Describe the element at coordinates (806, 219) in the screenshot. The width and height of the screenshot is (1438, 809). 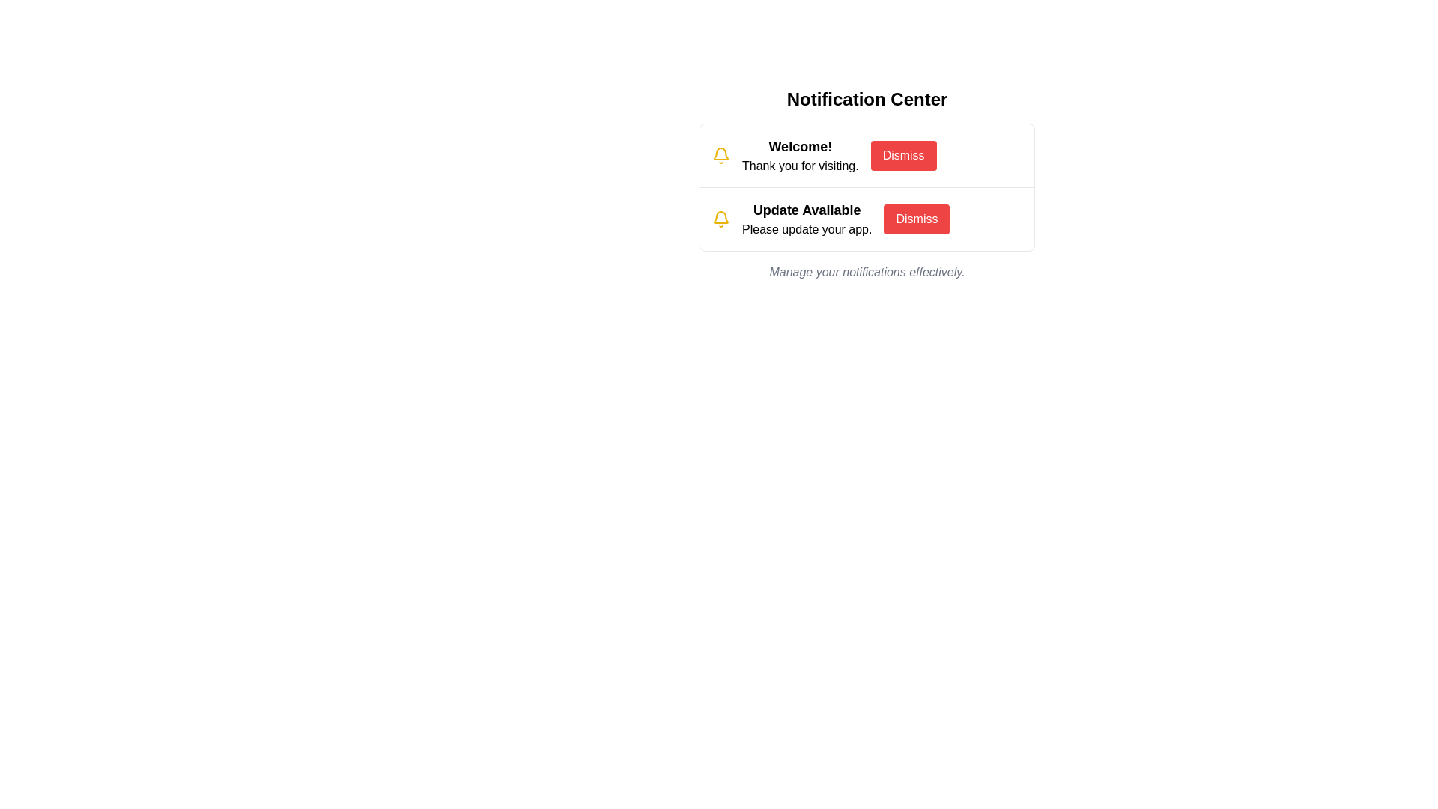
I see `the second notification message in the vertical list that informs the user about the availability of an update, located between an icon on the left and a 'Dismiss' button on the right` at that location.